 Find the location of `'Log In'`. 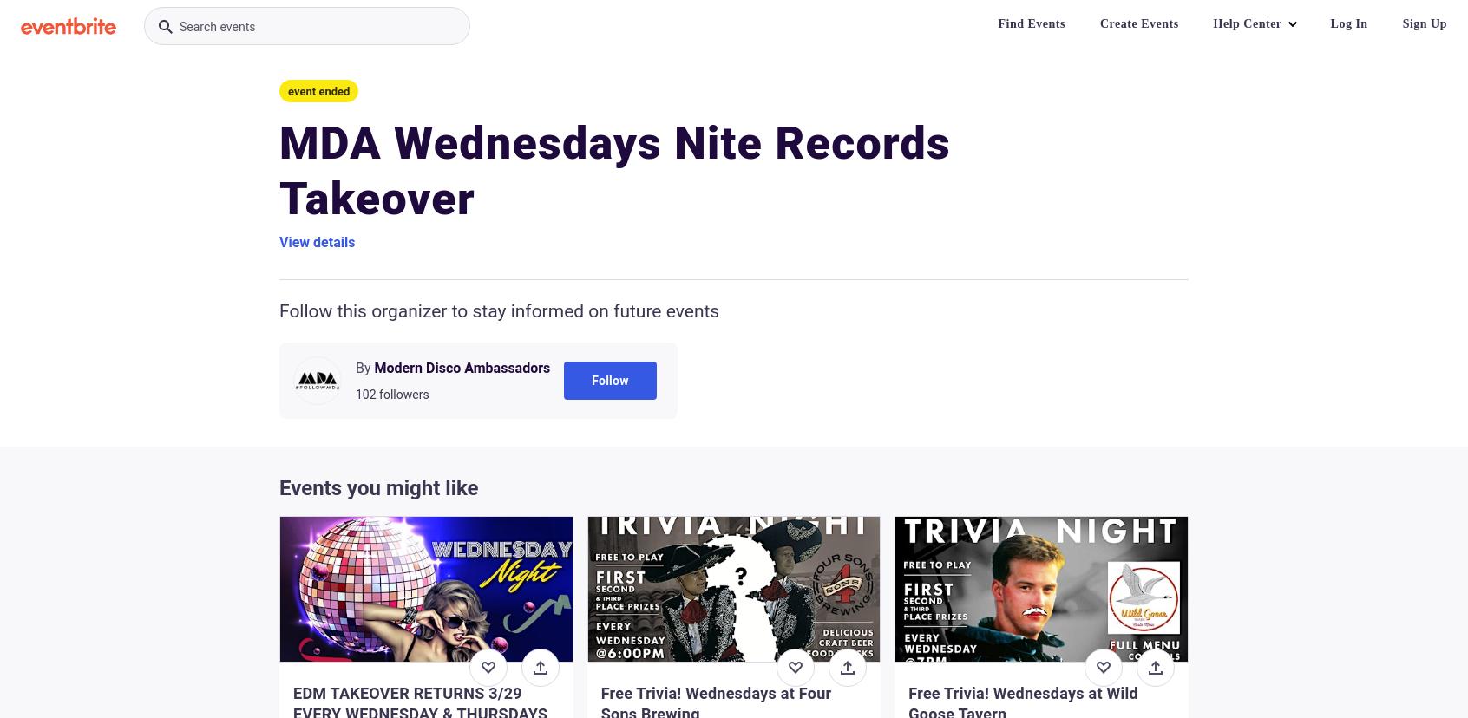

'Log In' is located at coordinates (1347, 23).